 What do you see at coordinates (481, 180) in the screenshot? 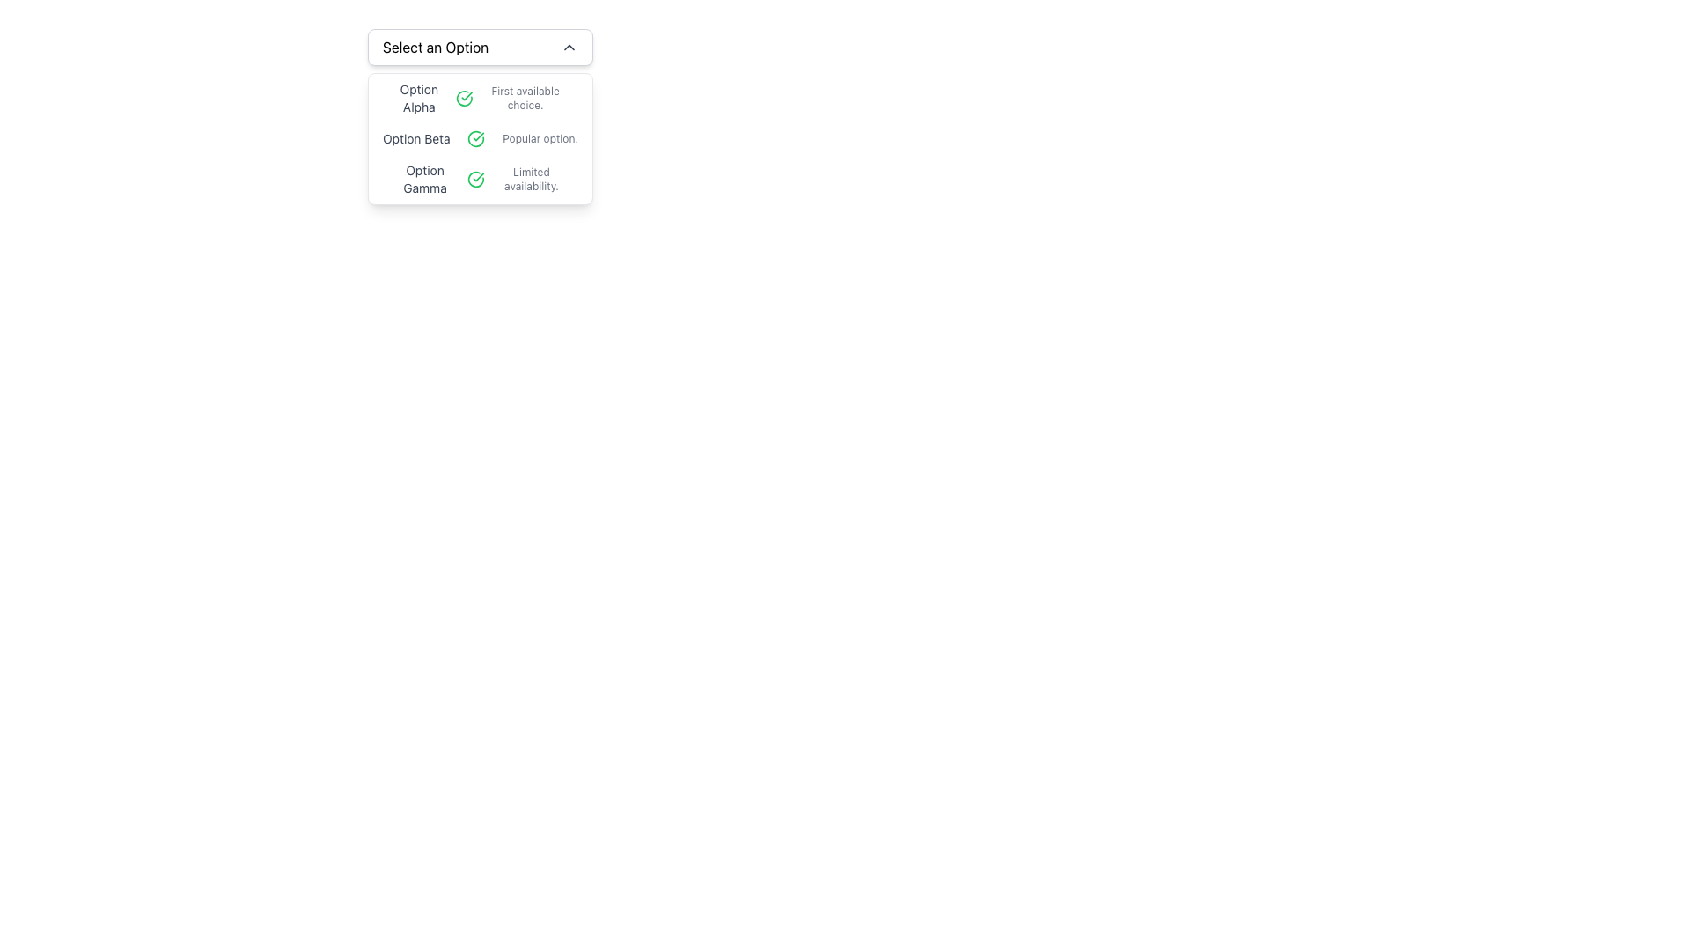
I see `the third list item labeled 'Option Gamma'` at bounding box center [481, 180].